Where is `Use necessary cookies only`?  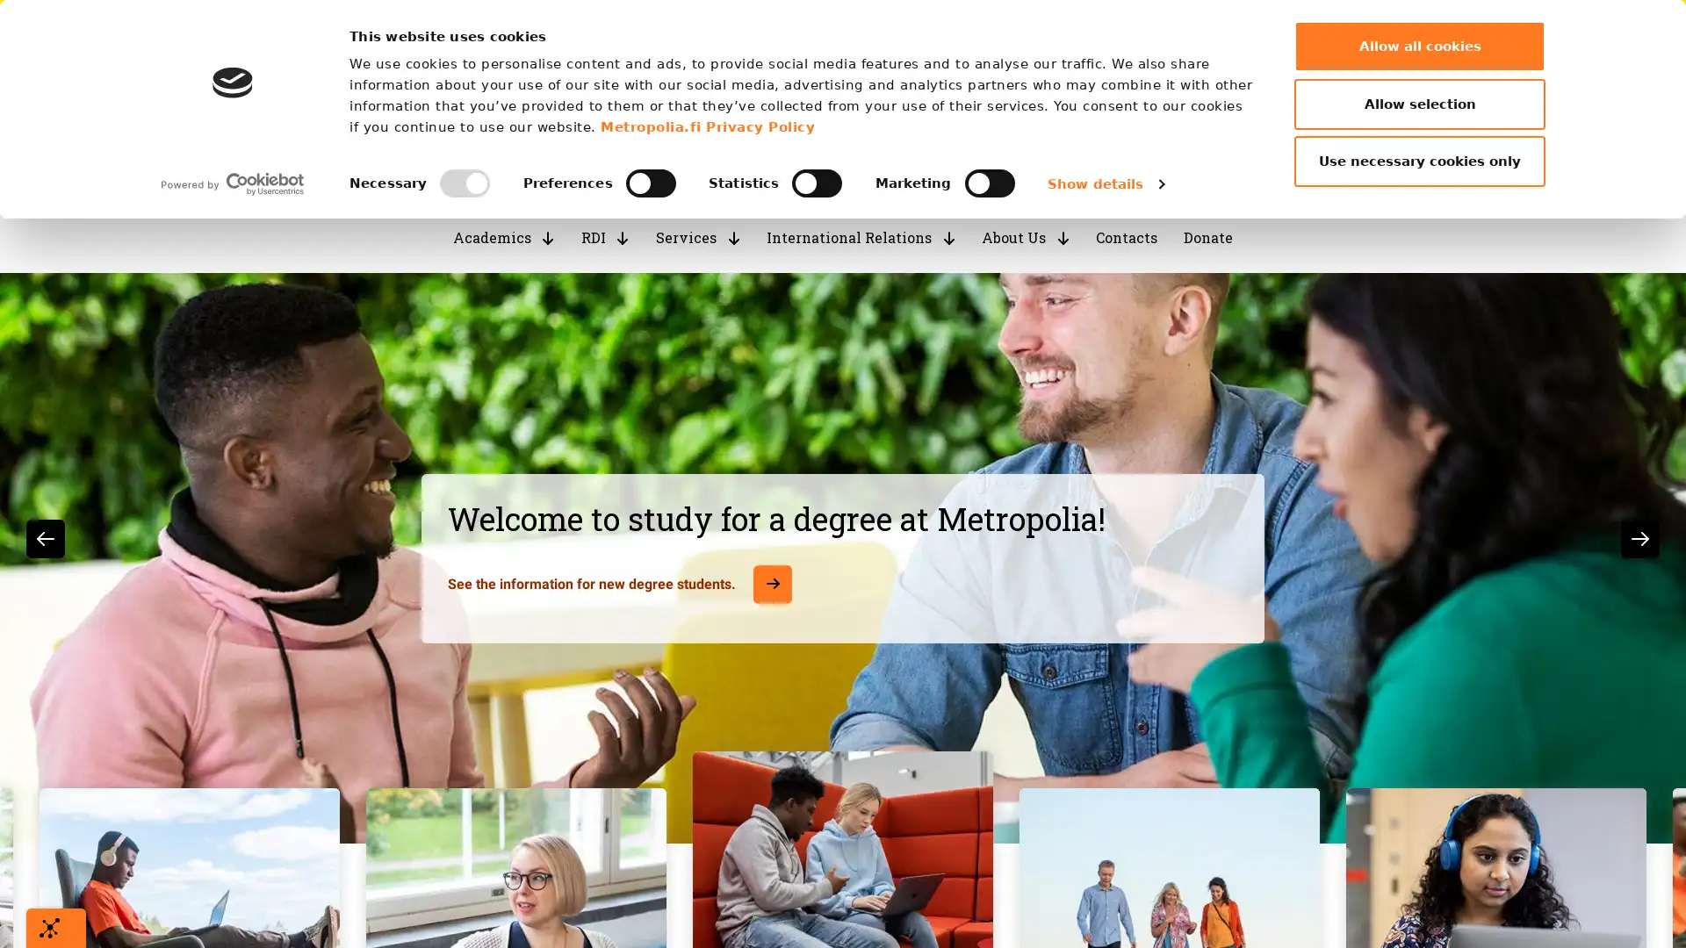 Use necessary cookies only is located at coordinates (1420, 162).